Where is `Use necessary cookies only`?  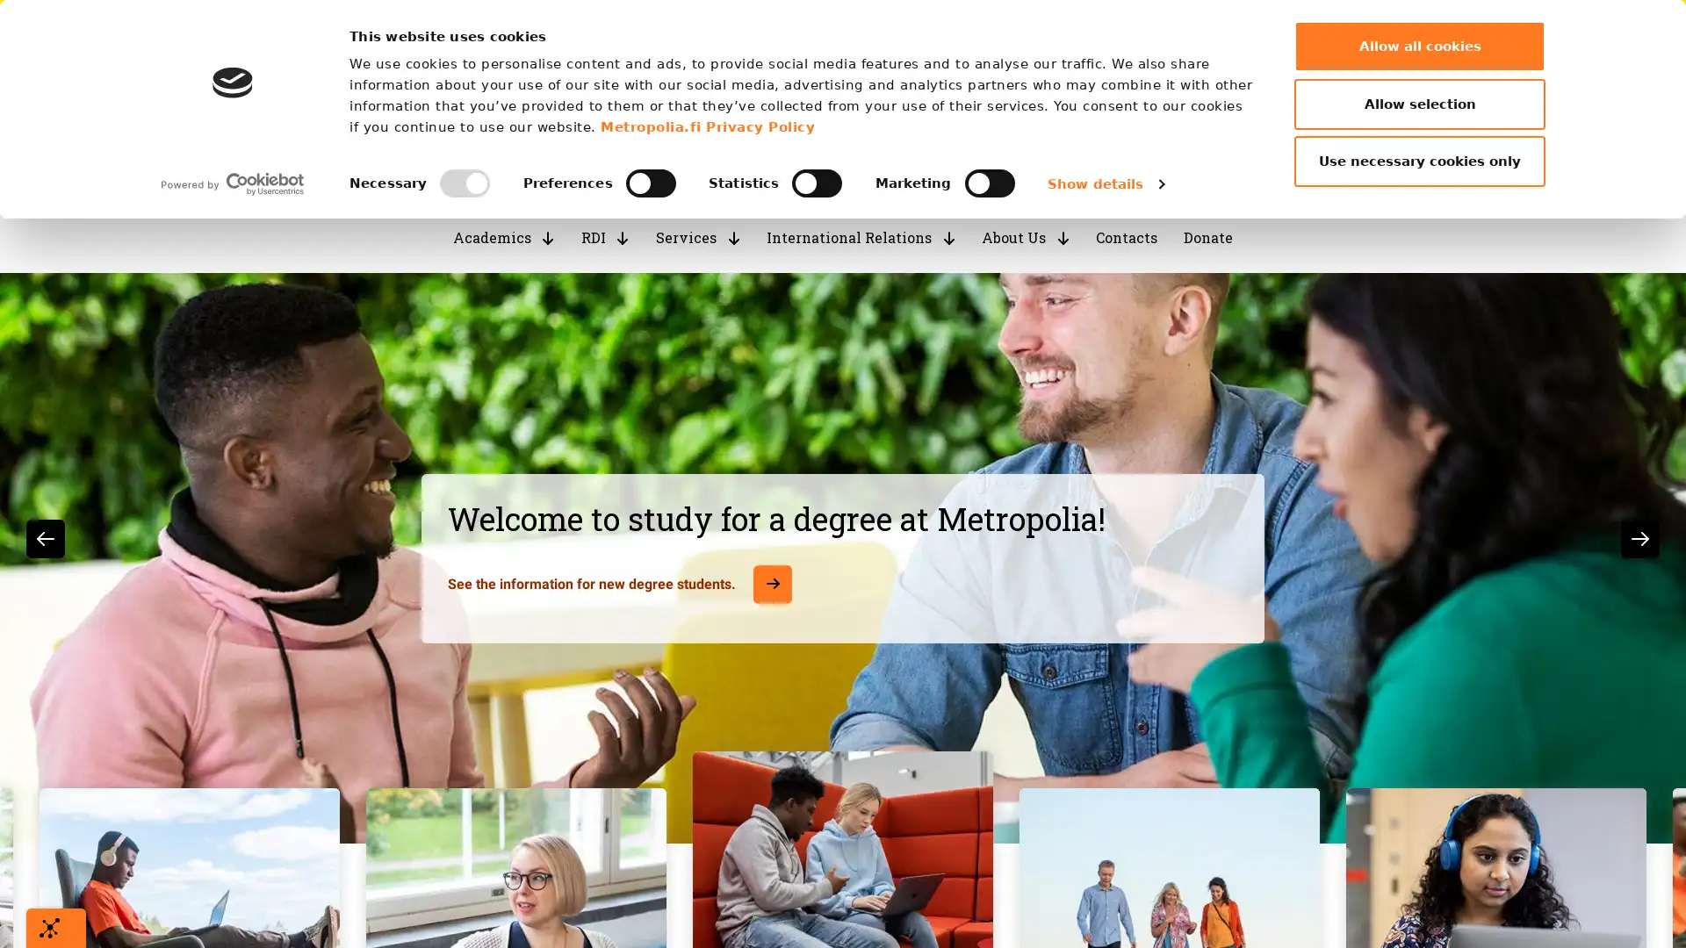 Use necessary cookies only is located at coordinates (1420, 162).